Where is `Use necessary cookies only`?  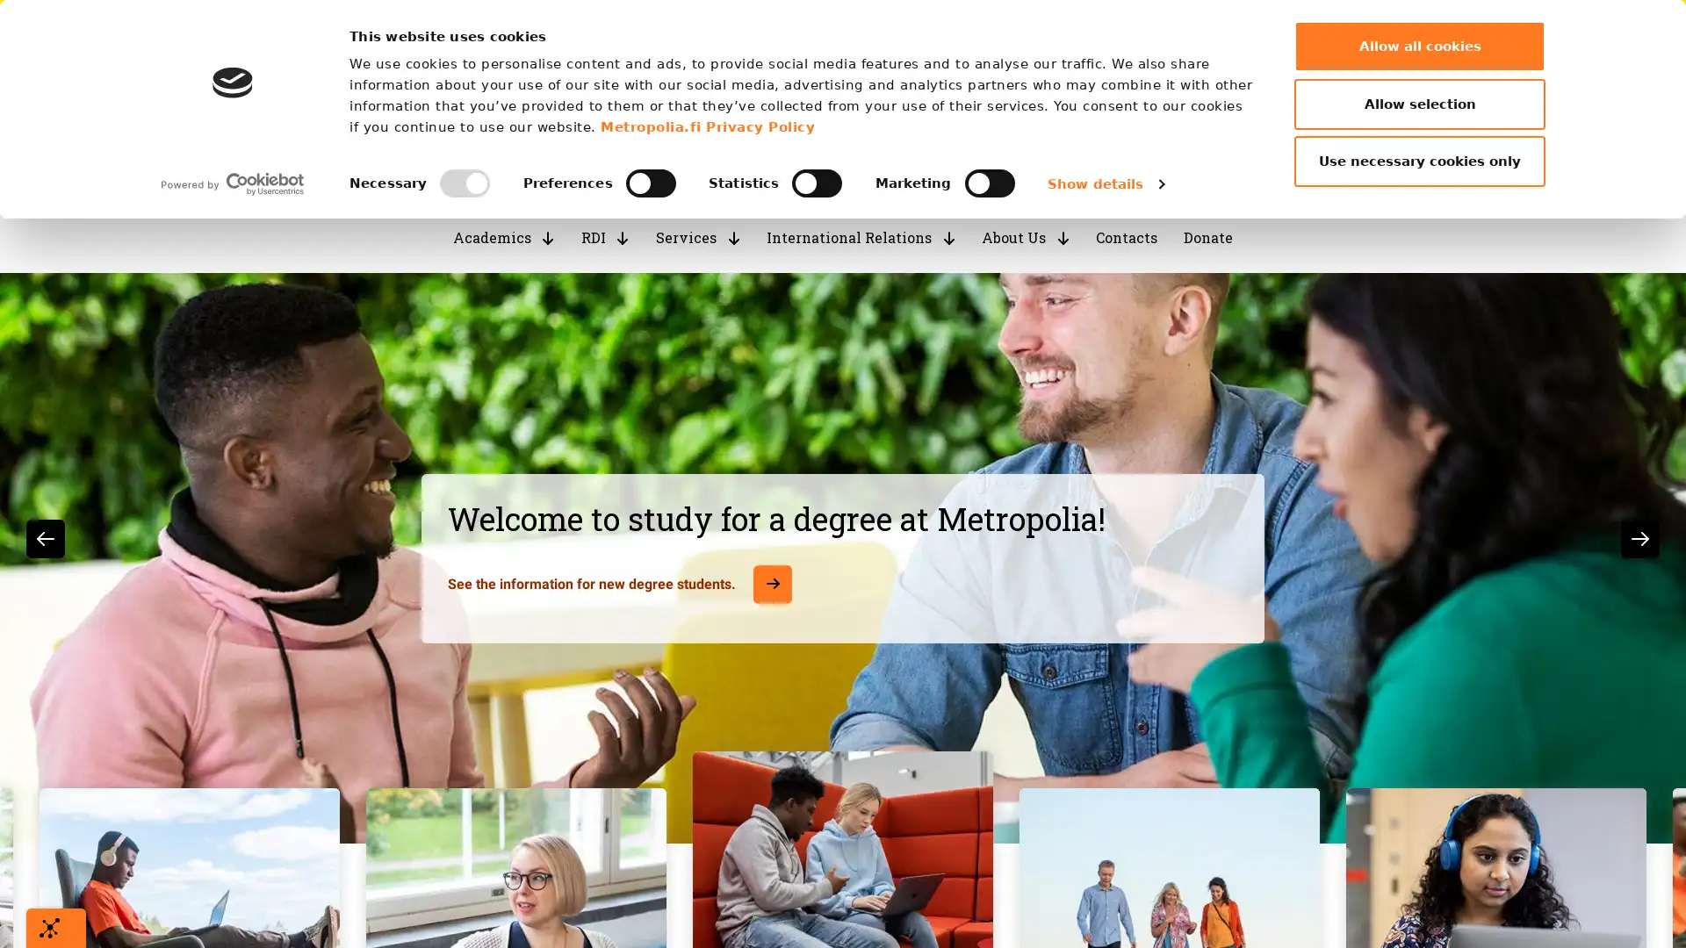 Use necessary cookies only is located at coordinates (1420, 162).